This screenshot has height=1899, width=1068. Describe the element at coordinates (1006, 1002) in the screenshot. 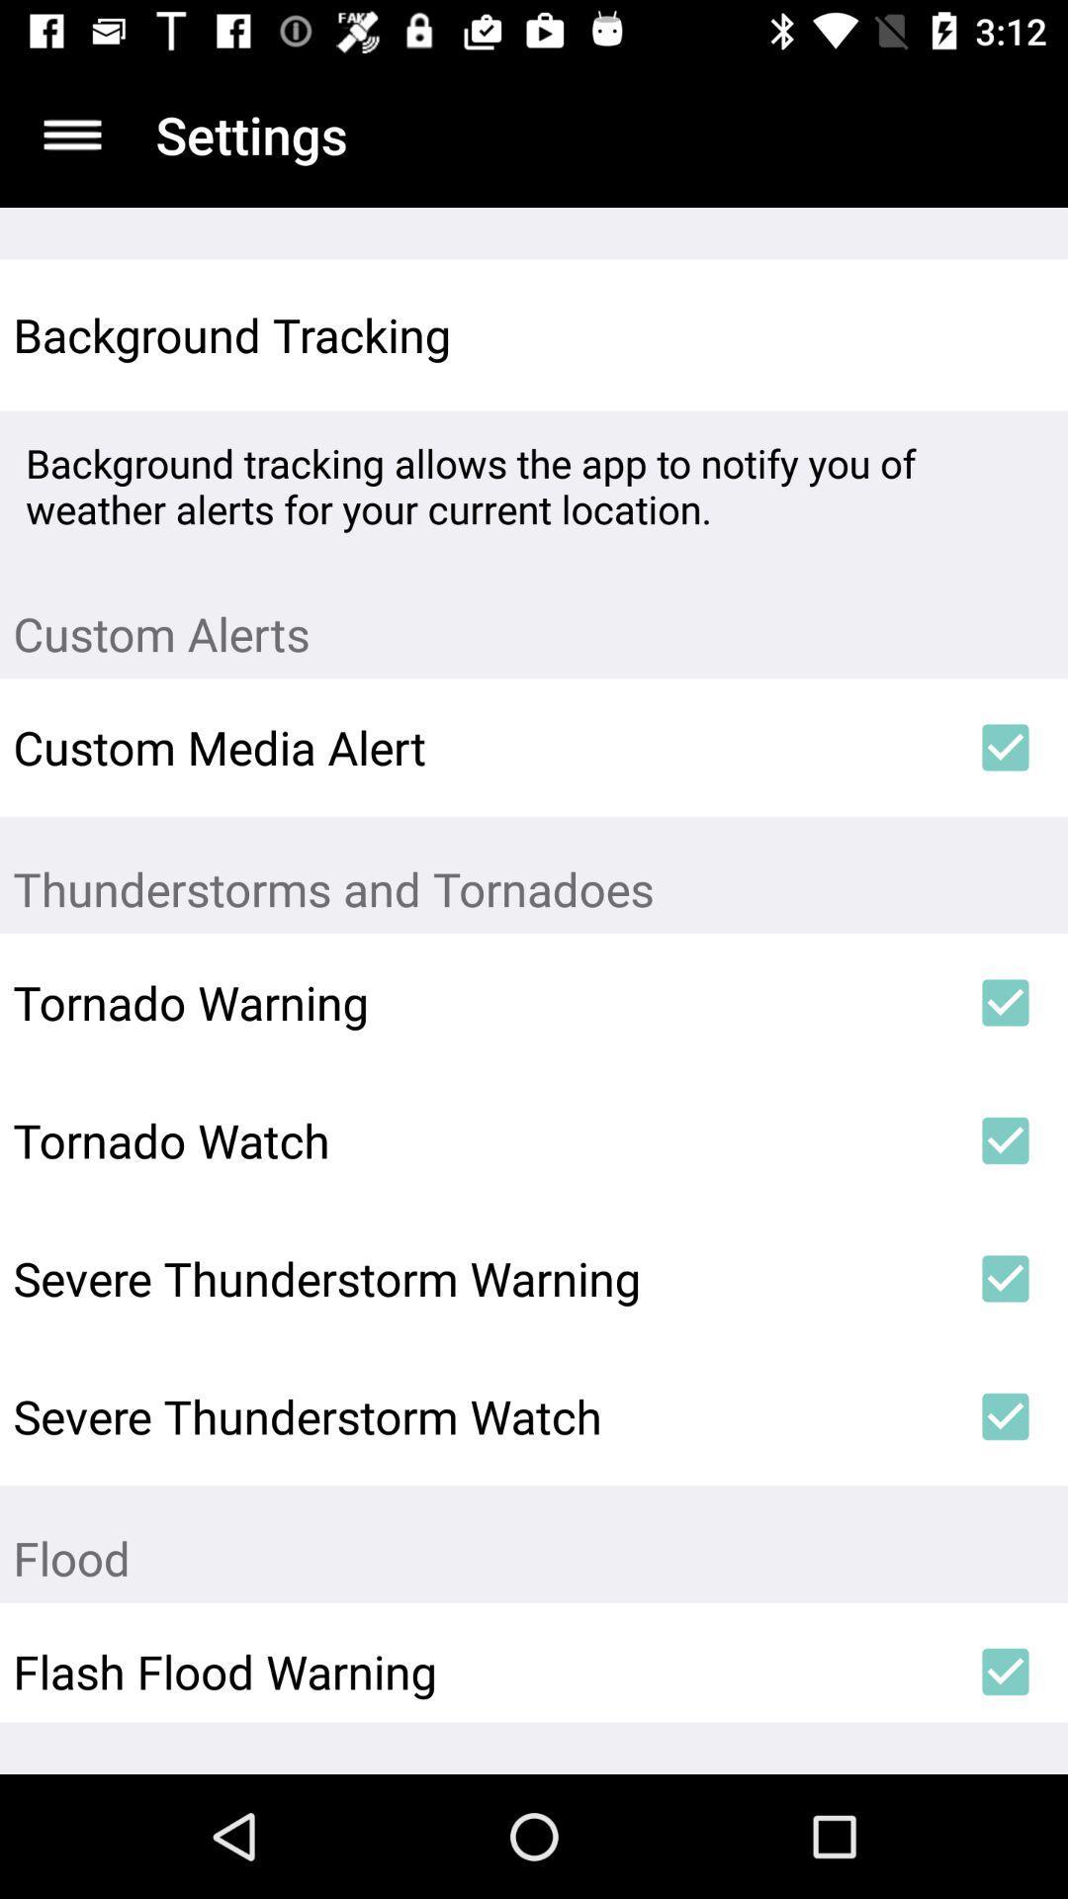

I see `item below the thunderstorms and tornadoes` at that location.